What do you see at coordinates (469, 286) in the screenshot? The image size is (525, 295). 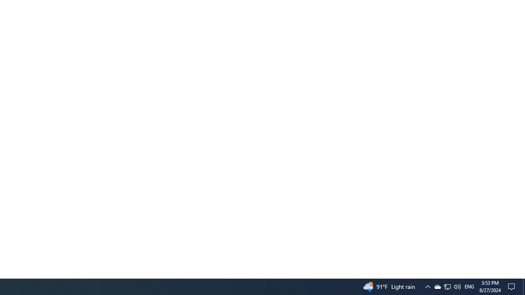 I see `'Tray Input Indicator - English (United States)'` at bounding box center [469, 286].